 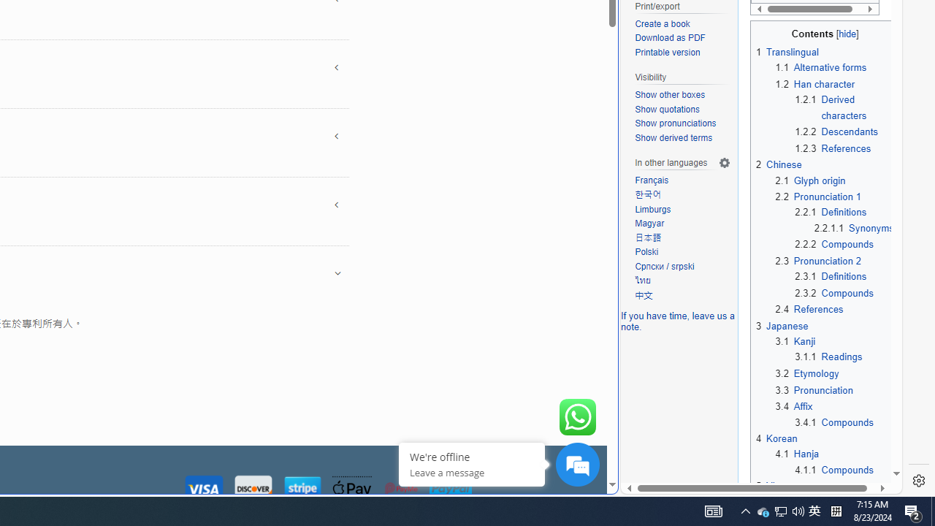 What do you see at coordinates (844, 357) in the screenshot?
I see `'3.1.1Readings'` at bounding box center [844, 357].